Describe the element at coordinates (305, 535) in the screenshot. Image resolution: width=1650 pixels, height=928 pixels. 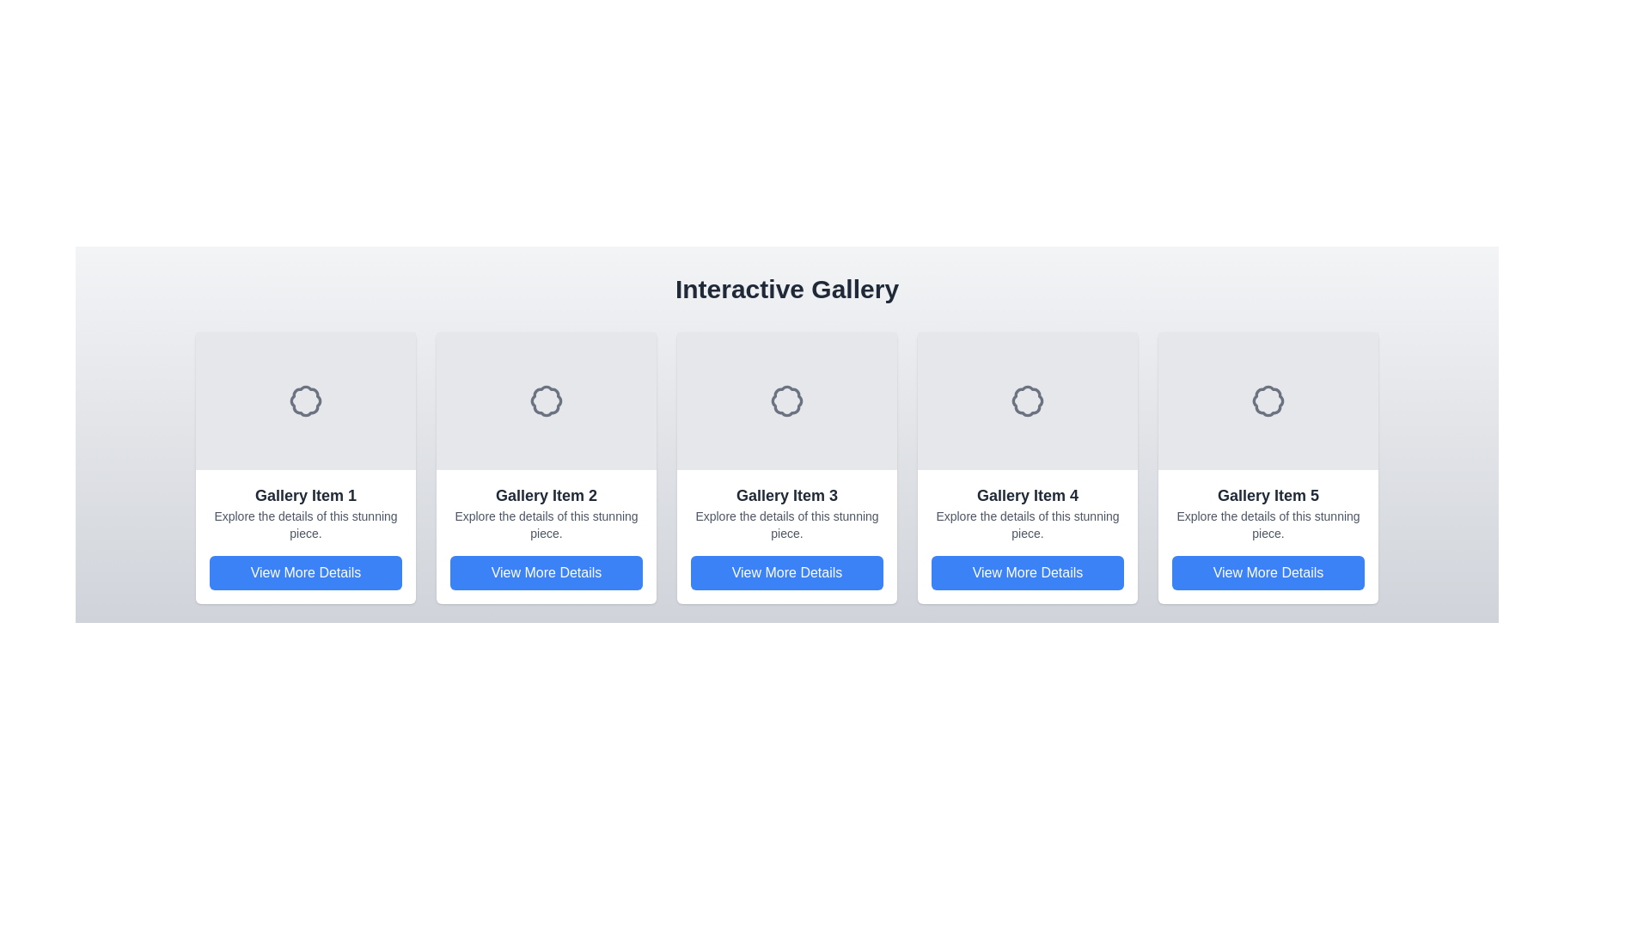
I see `heading and description of the first gallery item card located at the far-left side of the row` at that location.